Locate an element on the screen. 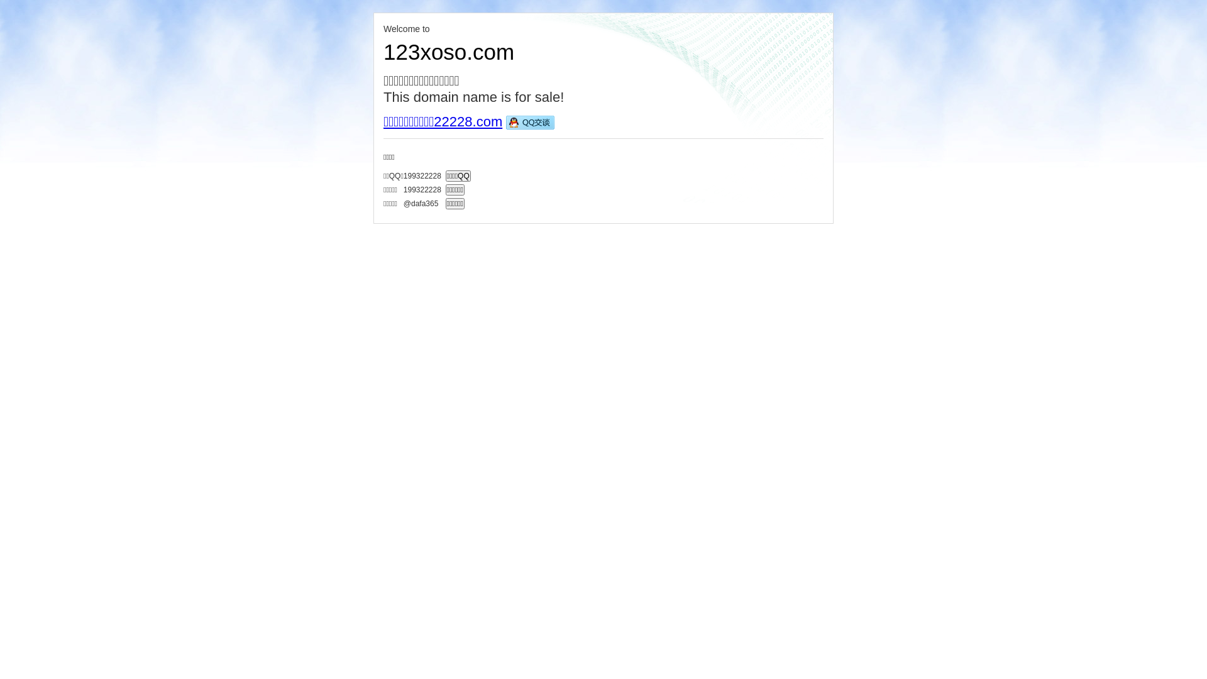 The height and width of the screenshot is (679, 1207). '199322228' is located at coordinates (404, 189).